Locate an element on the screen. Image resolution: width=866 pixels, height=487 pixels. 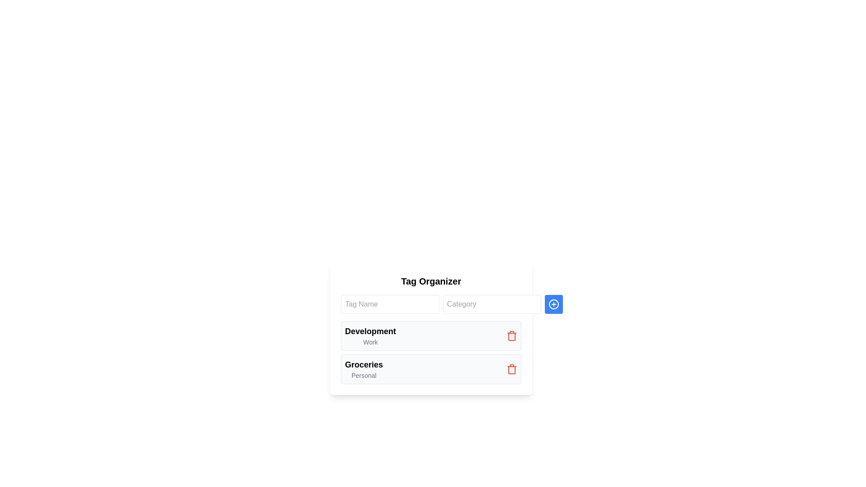
text label displaying 'Development' in bold and large font located on the left side of the first row in the 'Tag Organizer' interface is located at coordinates (370, 331).